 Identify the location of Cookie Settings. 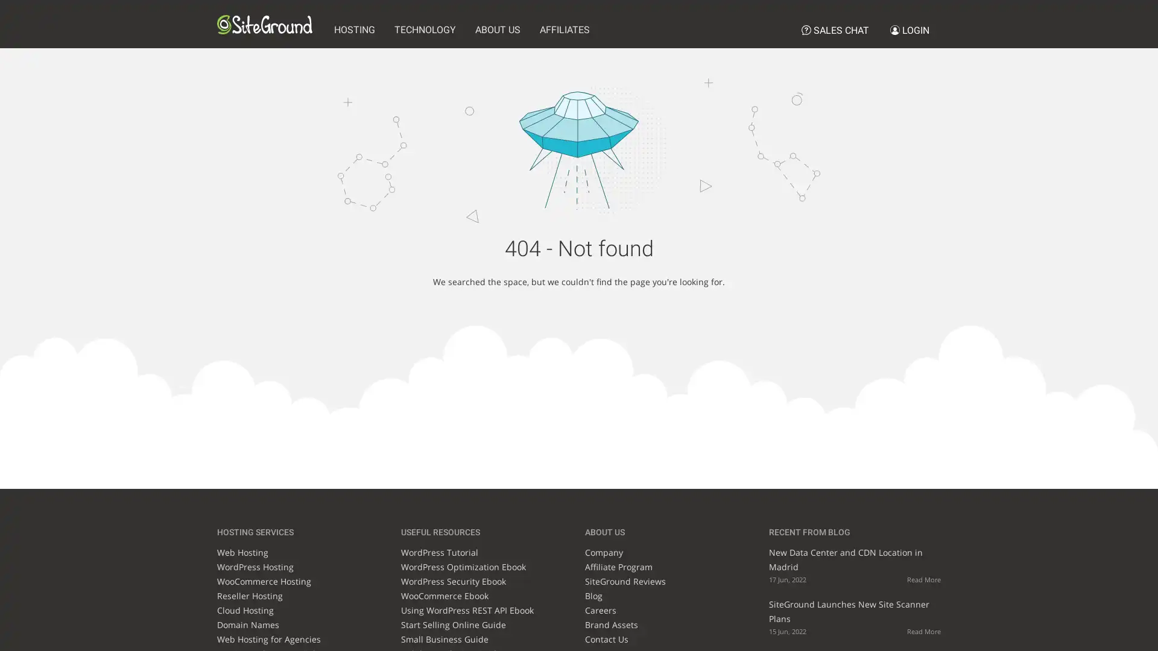
(1008, 615).